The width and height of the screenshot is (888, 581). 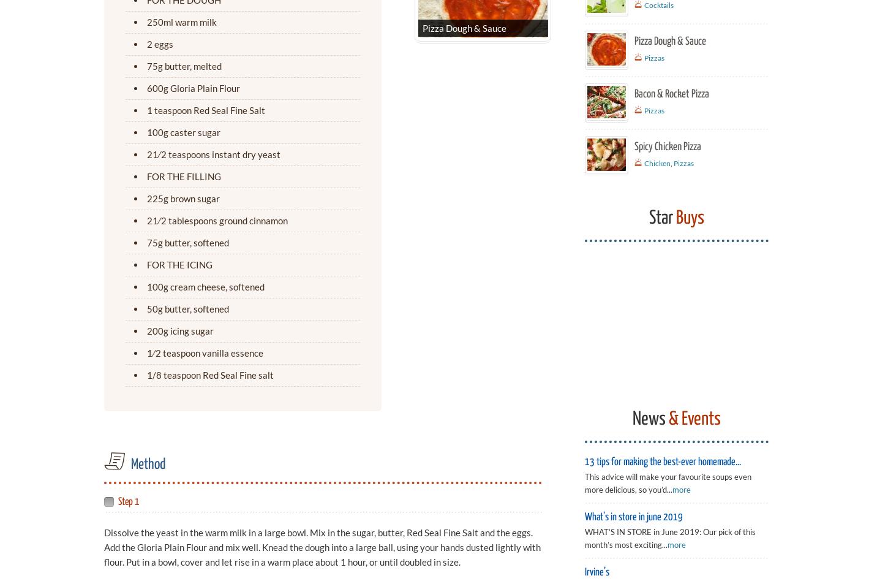 I want to click on '75g butter, melted', so click(x=146, y=66).